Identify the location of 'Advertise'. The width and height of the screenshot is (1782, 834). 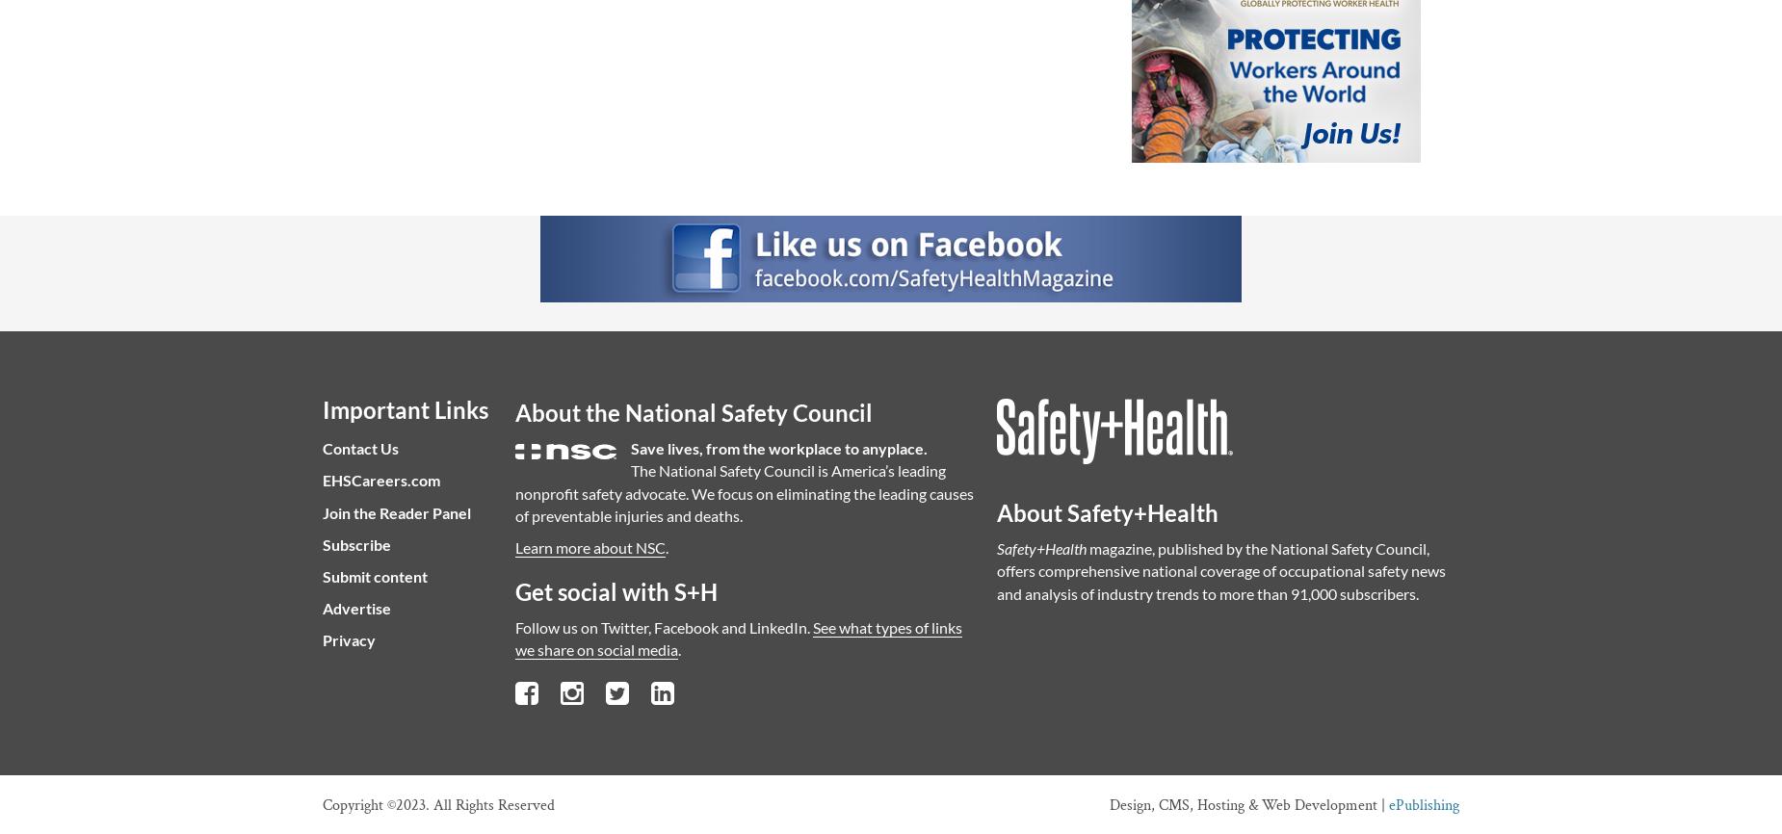
(355, 608).